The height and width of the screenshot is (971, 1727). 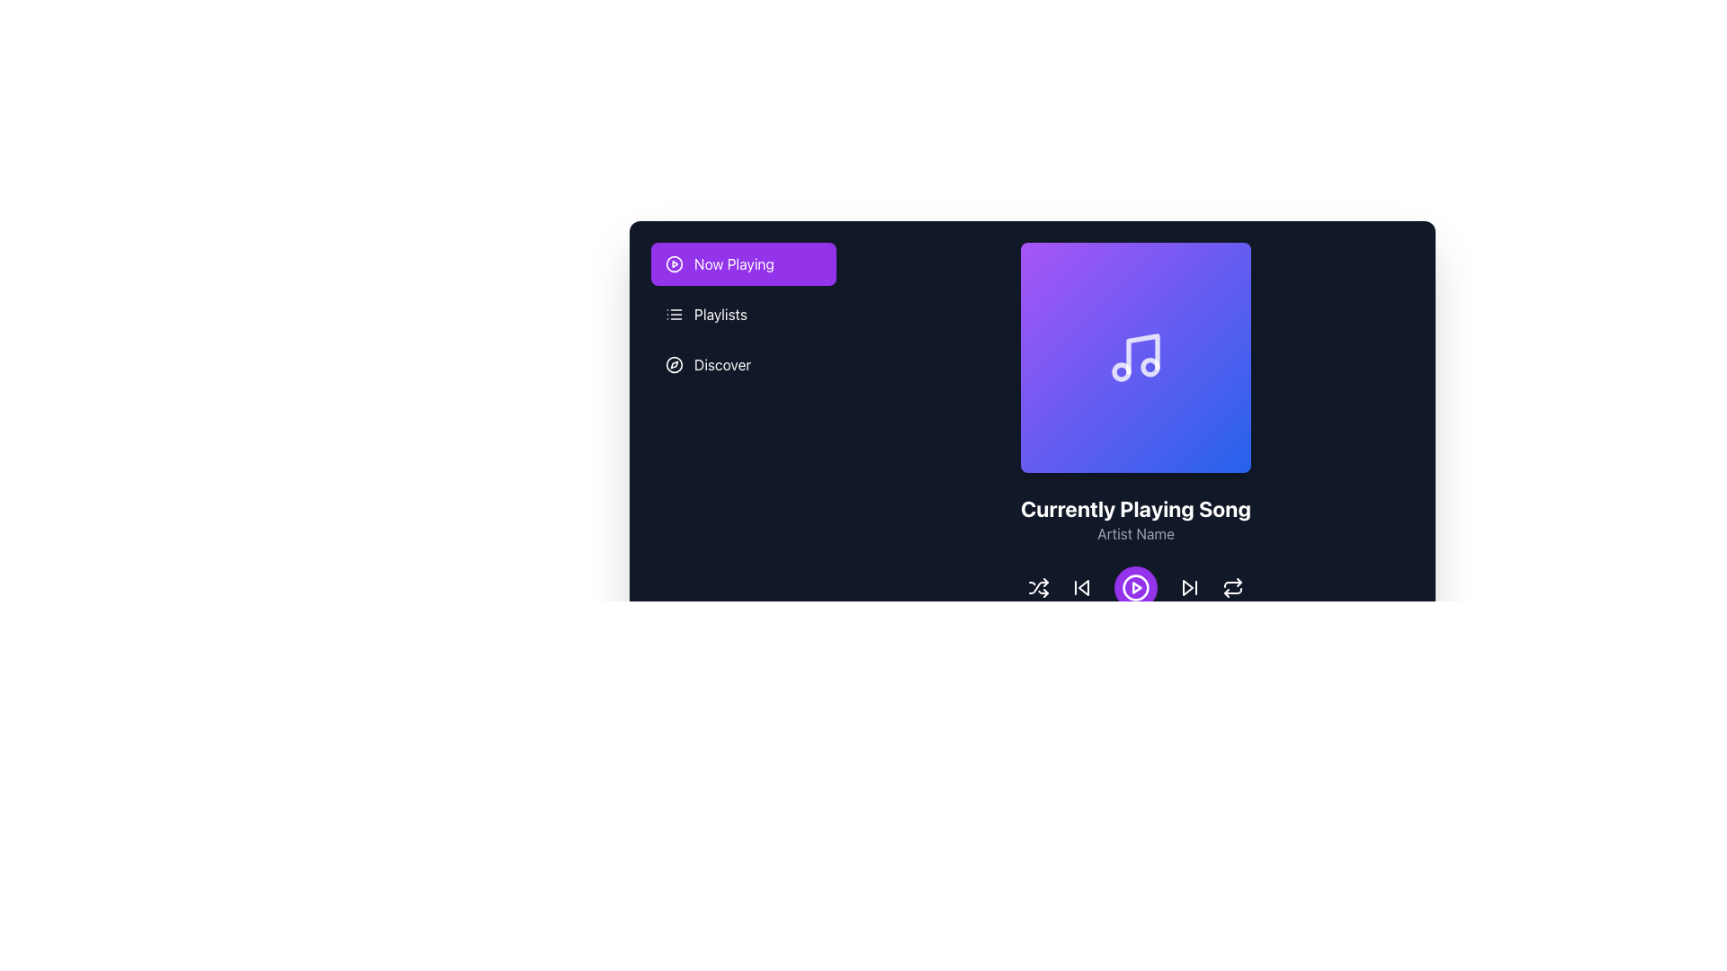 What do you see at coordinates (1136, 588) in the screenshot?
I see `the play icon, which is a triangle inside a circle located at the bottom center of the interface beneath the text 'Currently Playing Song'` at bounding box center [1136, 588].